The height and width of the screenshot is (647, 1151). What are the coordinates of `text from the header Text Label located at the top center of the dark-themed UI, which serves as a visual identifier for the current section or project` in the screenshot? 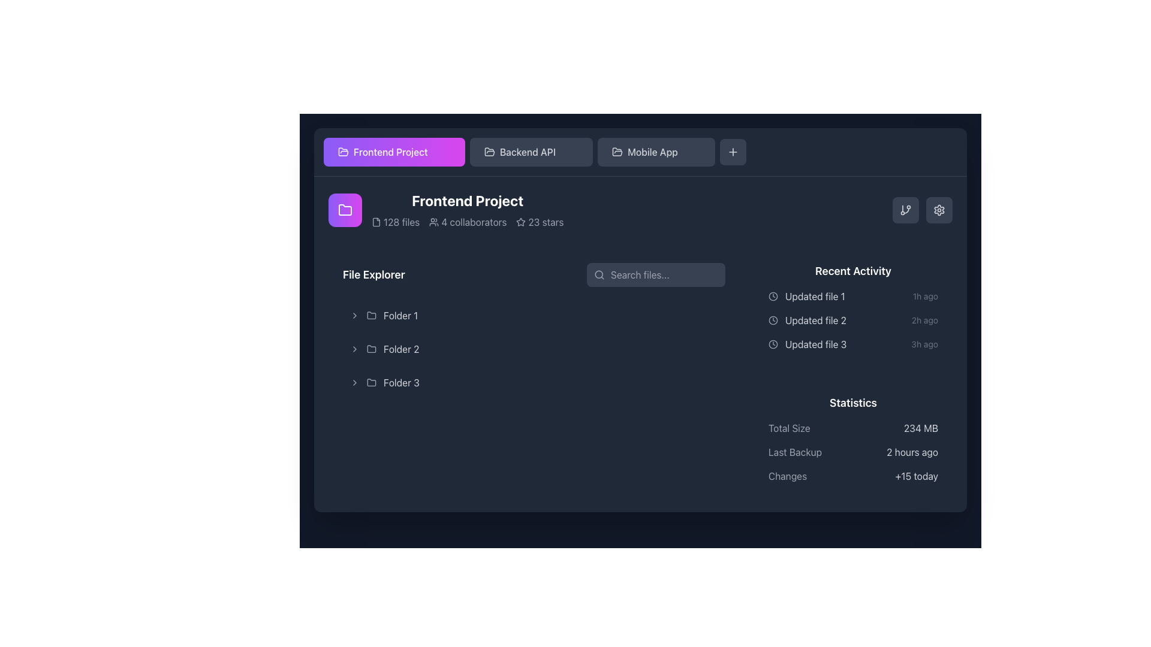 It's located at (467, 200).